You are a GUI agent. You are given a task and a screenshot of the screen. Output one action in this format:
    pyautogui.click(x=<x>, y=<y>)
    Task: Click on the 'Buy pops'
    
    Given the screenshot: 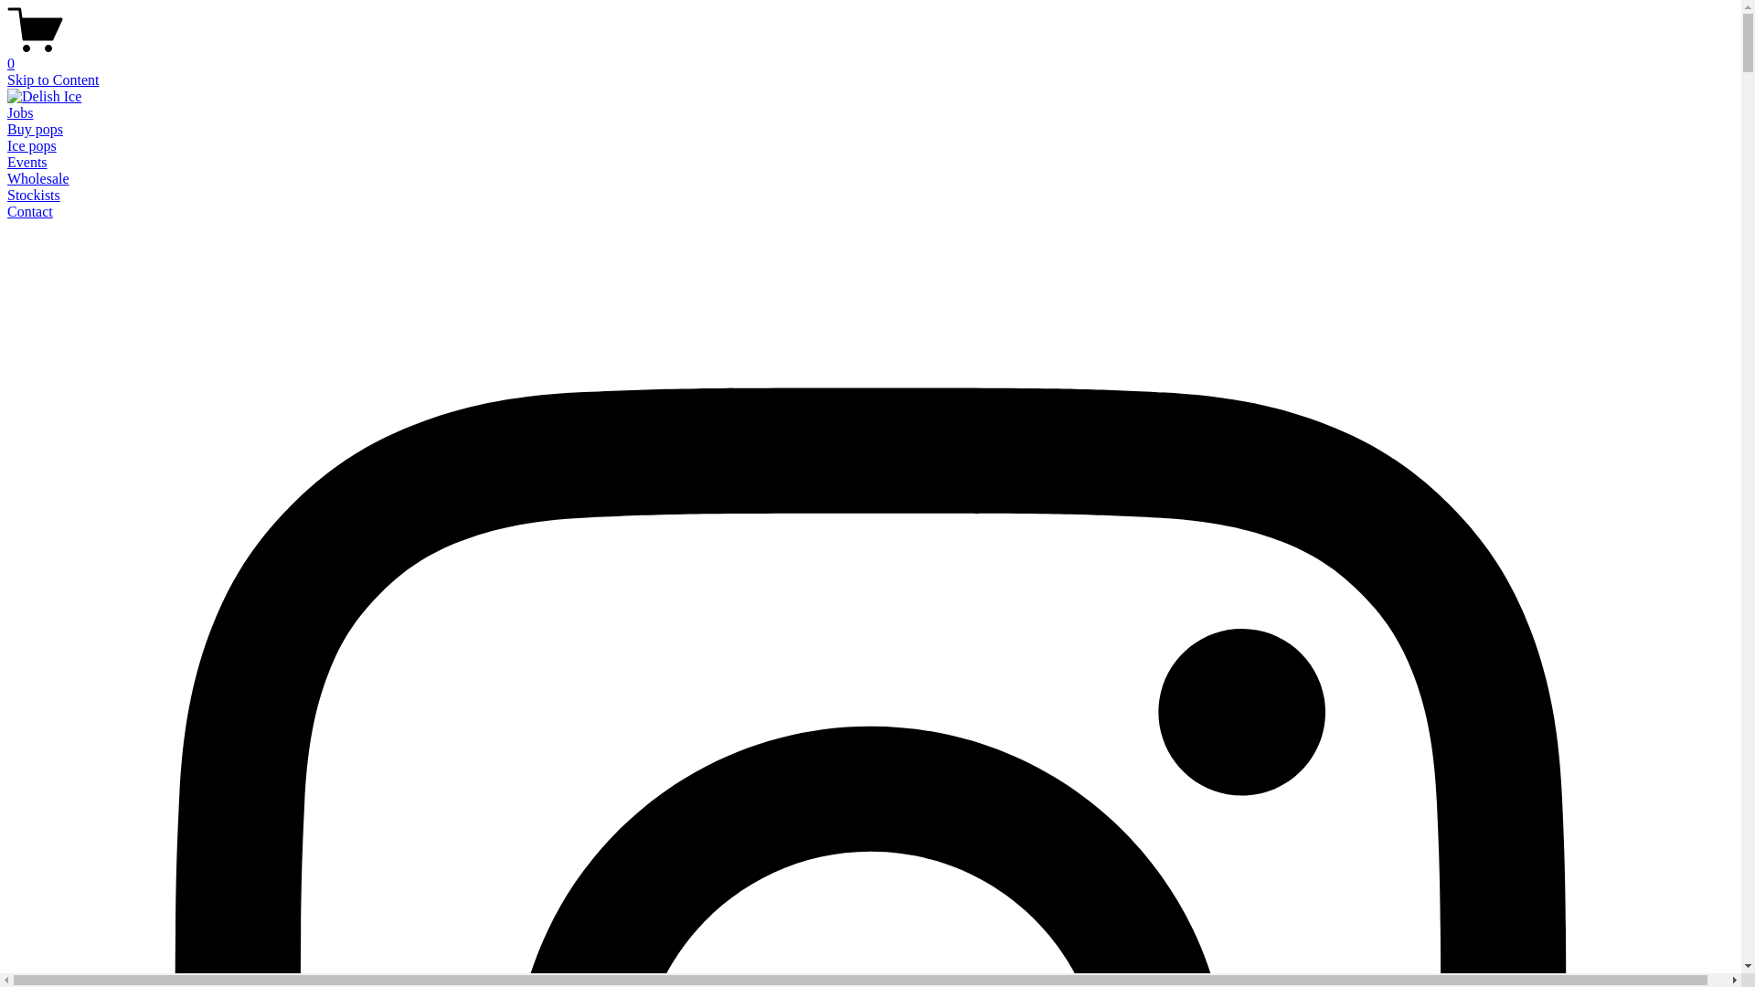 What is the action you would take?
    pyautogui.click(x=7, y=128)
    